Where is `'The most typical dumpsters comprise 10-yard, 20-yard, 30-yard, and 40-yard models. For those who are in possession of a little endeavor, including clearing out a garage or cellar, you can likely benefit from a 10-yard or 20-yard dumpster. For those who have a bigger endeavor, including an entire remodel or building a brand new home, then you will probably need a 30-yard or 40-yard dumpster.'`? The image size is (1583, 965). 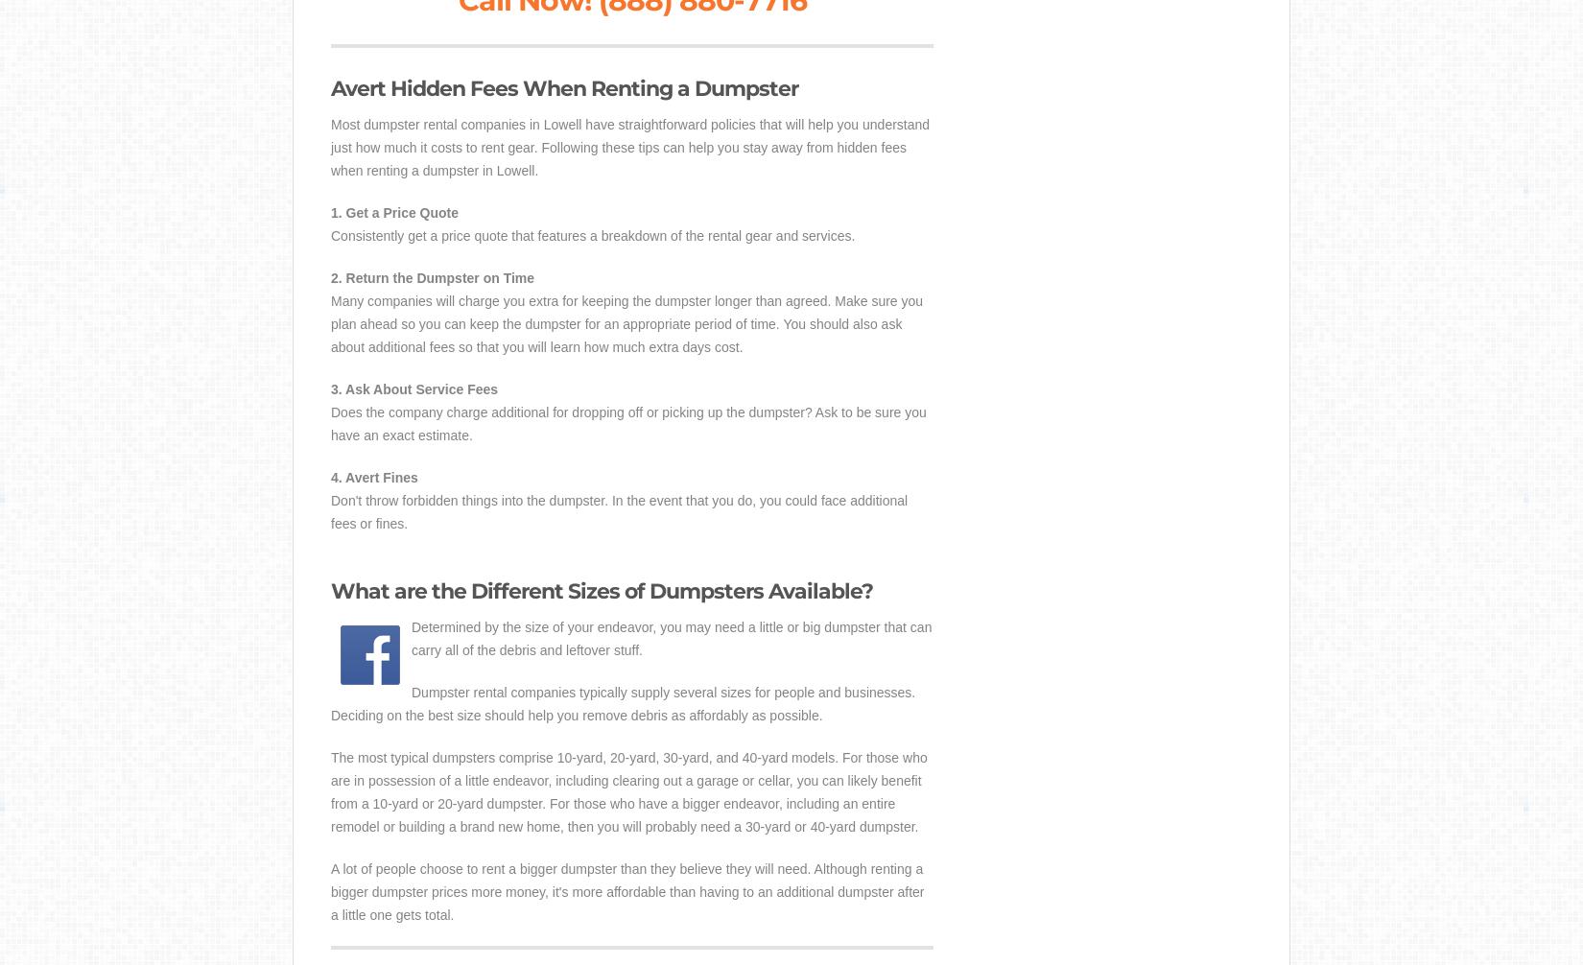
'The most typical dumpsters comprise 10-yard, 20-yard, 30-yard, and 40-yard models. For those who are in possession of a little endeavor, including clearing out a garage or cellar, you can likely benefit from a 10-yard or 20-yard dumpster. For those who have a bigger endeavor, including an entire remodel or building a brand new home, then you will probably need a 30-yard or 40-yard dumpster.' is located at coordinates (627, 791).